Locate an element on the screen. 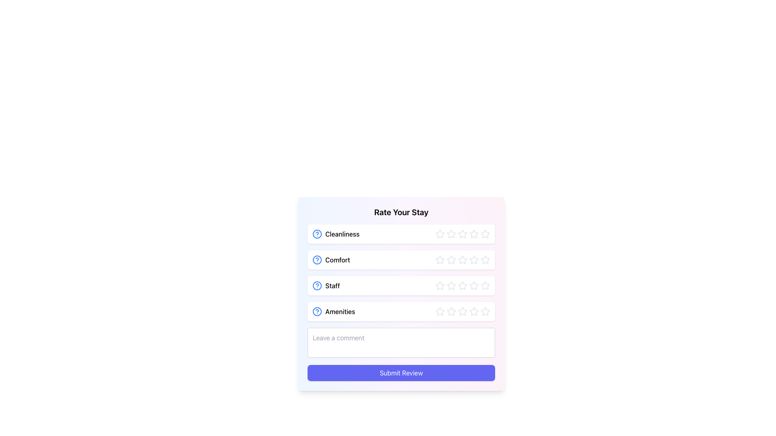 This screenshot has height=436, width=776. the second star in the five-star rating system for the 'Comfort' aspect is located at coordinates (485, 260).